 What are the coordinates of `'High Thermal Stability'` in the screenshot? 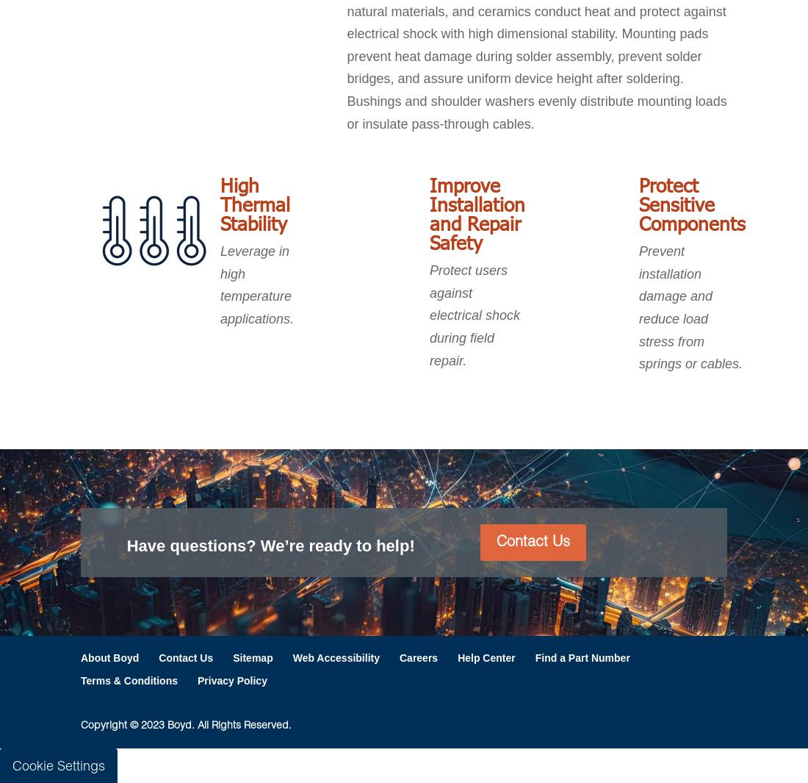 It's located at (255, 203).